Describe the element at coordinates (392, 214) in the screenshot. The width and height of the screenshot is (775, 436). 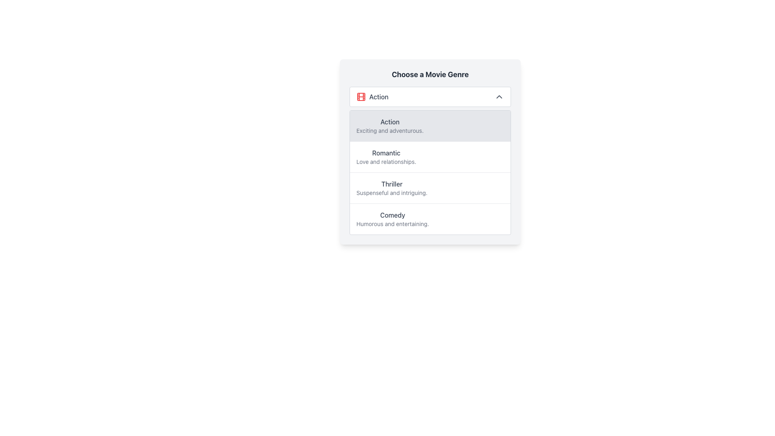
I see `the 'Comedy' genre label, which is styled with medium font weight and positioned above the descriptive text 'Humorous and entertaining.'` at that location.